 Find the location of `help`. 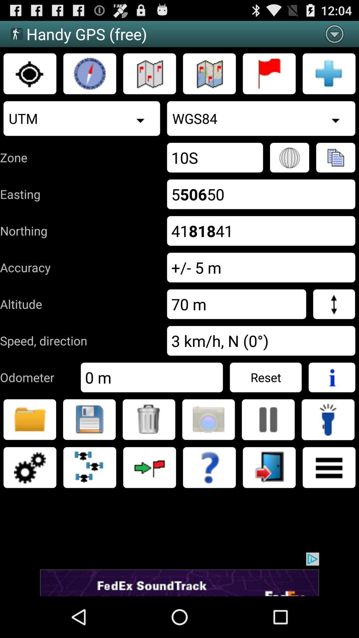

help is located at coordinates (209, 467).